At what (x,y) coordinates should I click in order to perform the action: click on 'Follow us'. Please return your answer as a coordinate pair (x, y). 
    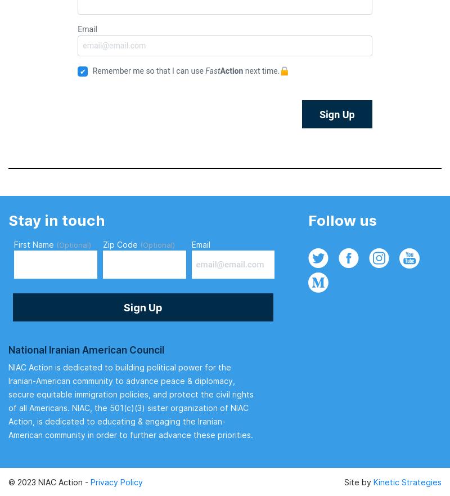
    Looking at the image, I should click on (342, 220).